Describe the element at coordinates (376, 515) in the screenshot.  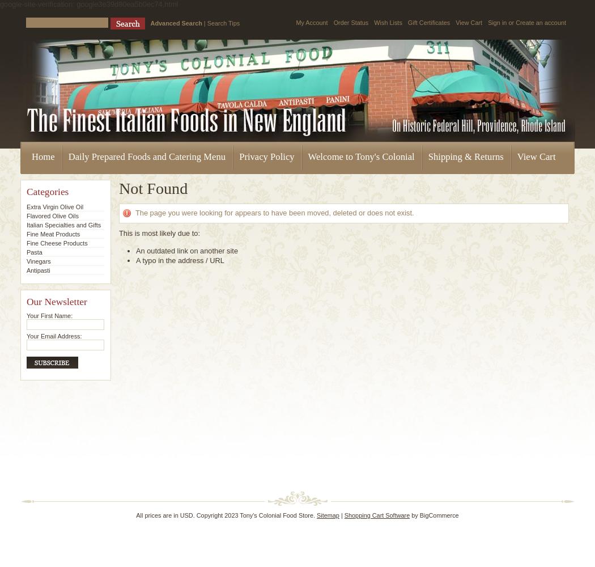
I see `'Shopping Cart Software'` at that location.